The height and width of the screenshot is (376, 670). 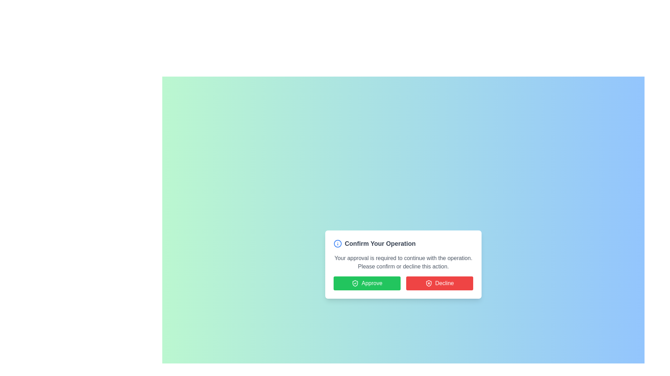 What do you see at coordinates (355, 283) in the screenshot?
I see `the graphic/icon element depicting a shield with a check mark inside it, which is located within the green 'Approve' button in the bottom-left section of the dialog box` at bounding box center [355, 283].